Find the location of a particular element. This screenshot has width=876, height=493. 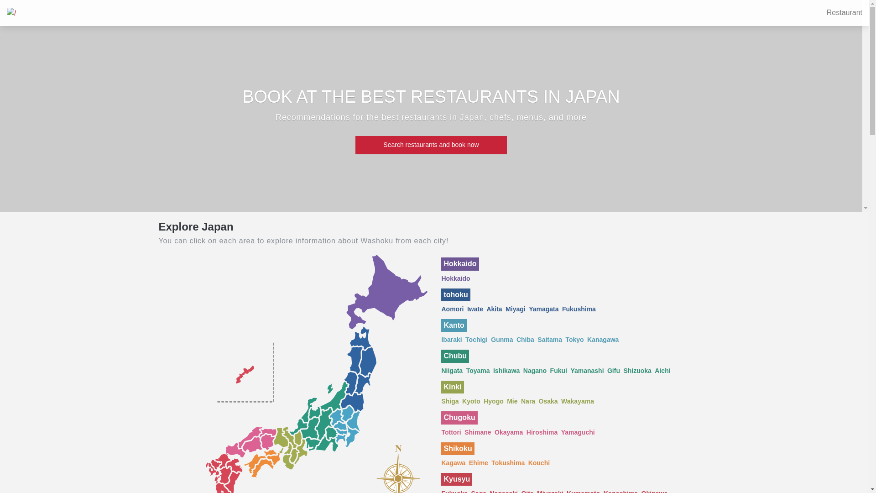

'Toyama' is located at coordinates (477, 371).